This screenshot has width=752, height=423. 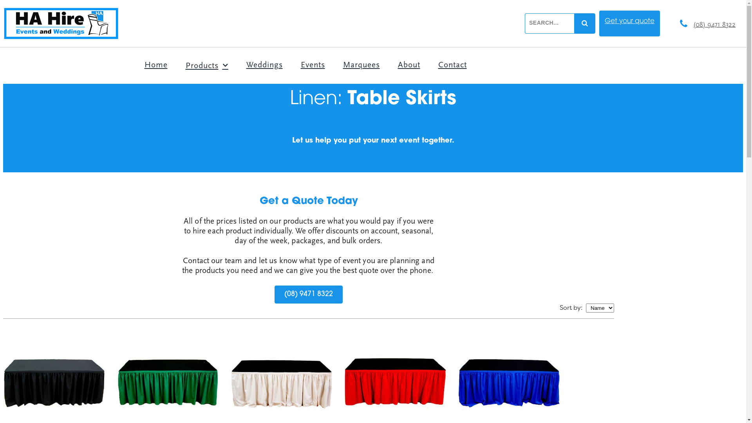 What do you see at coordinates (312, 65) in the screenshot?
I see `'Events'` at bounding box center [312, 65].